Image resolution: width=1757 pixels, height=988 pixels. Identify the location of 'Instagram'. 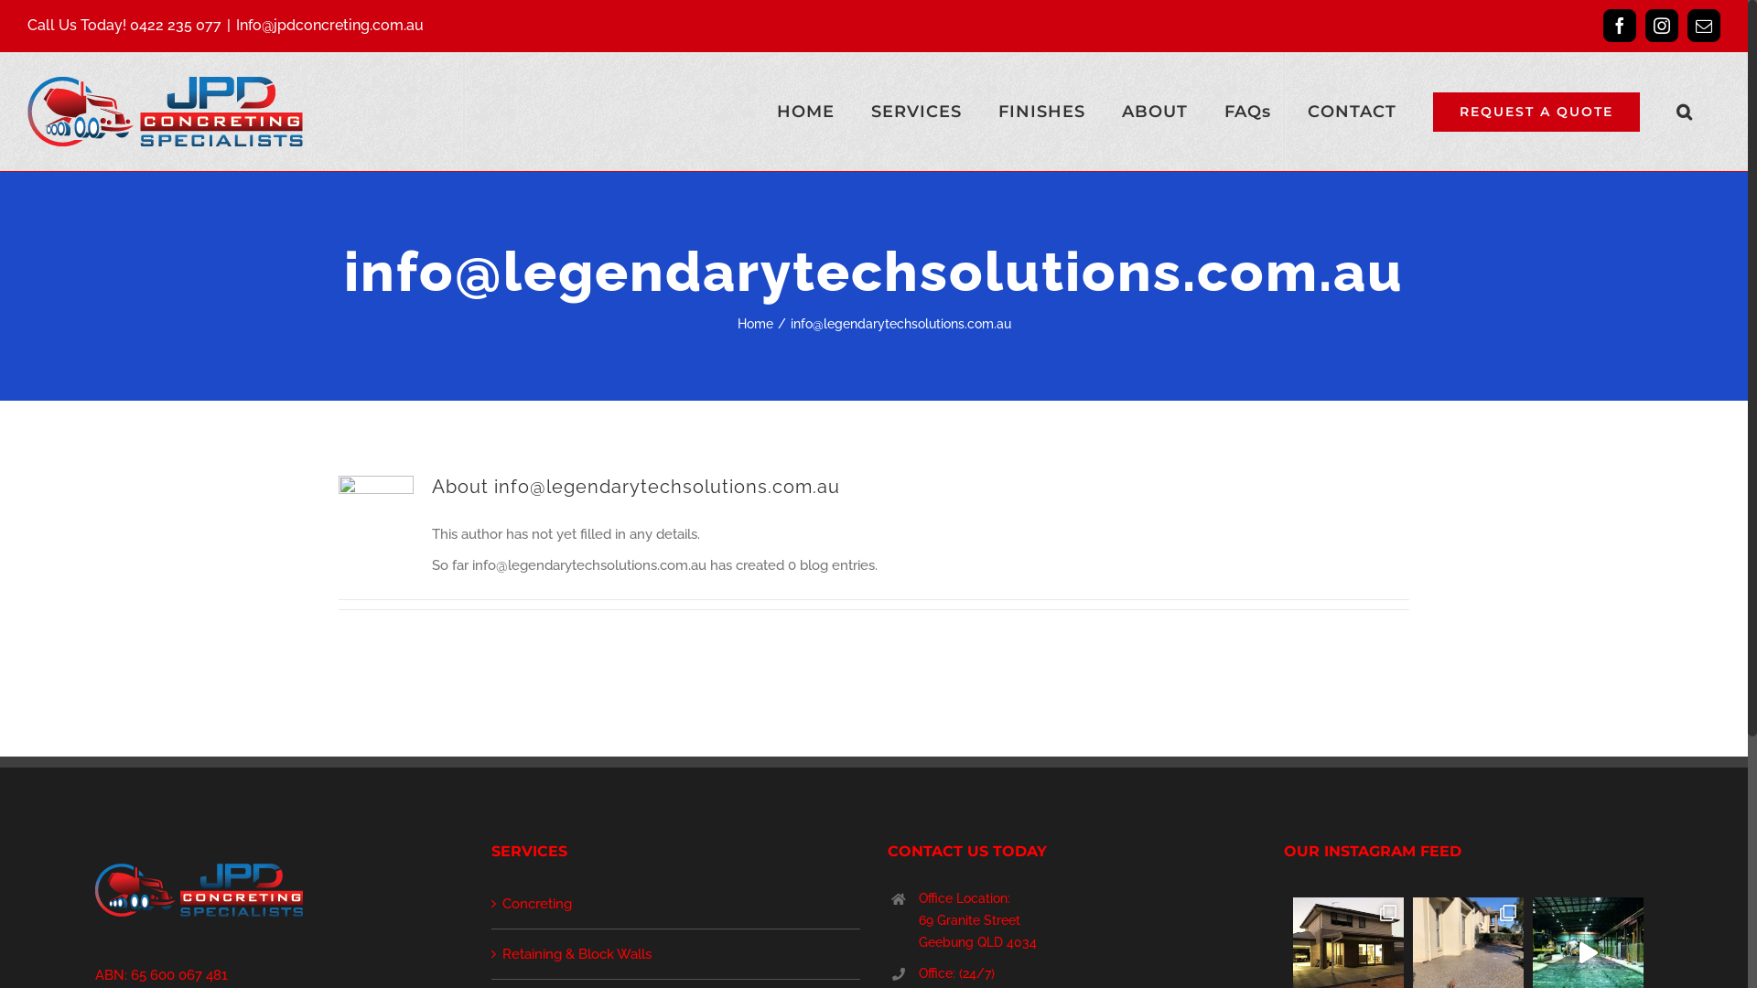
(1661, 25).